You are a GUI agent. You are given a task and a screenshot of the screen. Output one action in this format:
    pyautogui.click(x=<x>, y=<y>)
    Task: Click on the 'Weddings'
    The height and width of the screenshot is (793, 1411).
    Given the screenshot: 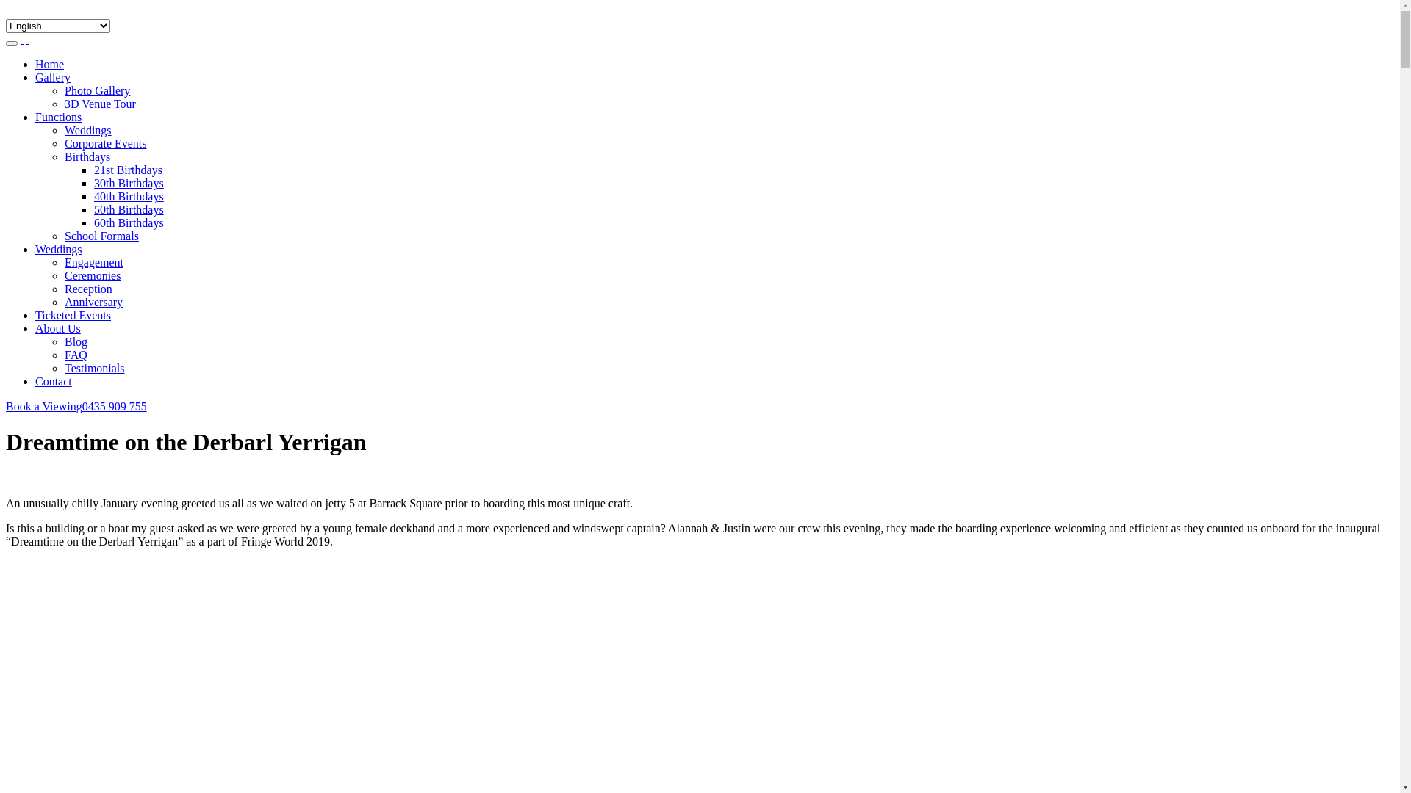 What is the action you would take?
    pyautogui.click(x=63, y=129)
    